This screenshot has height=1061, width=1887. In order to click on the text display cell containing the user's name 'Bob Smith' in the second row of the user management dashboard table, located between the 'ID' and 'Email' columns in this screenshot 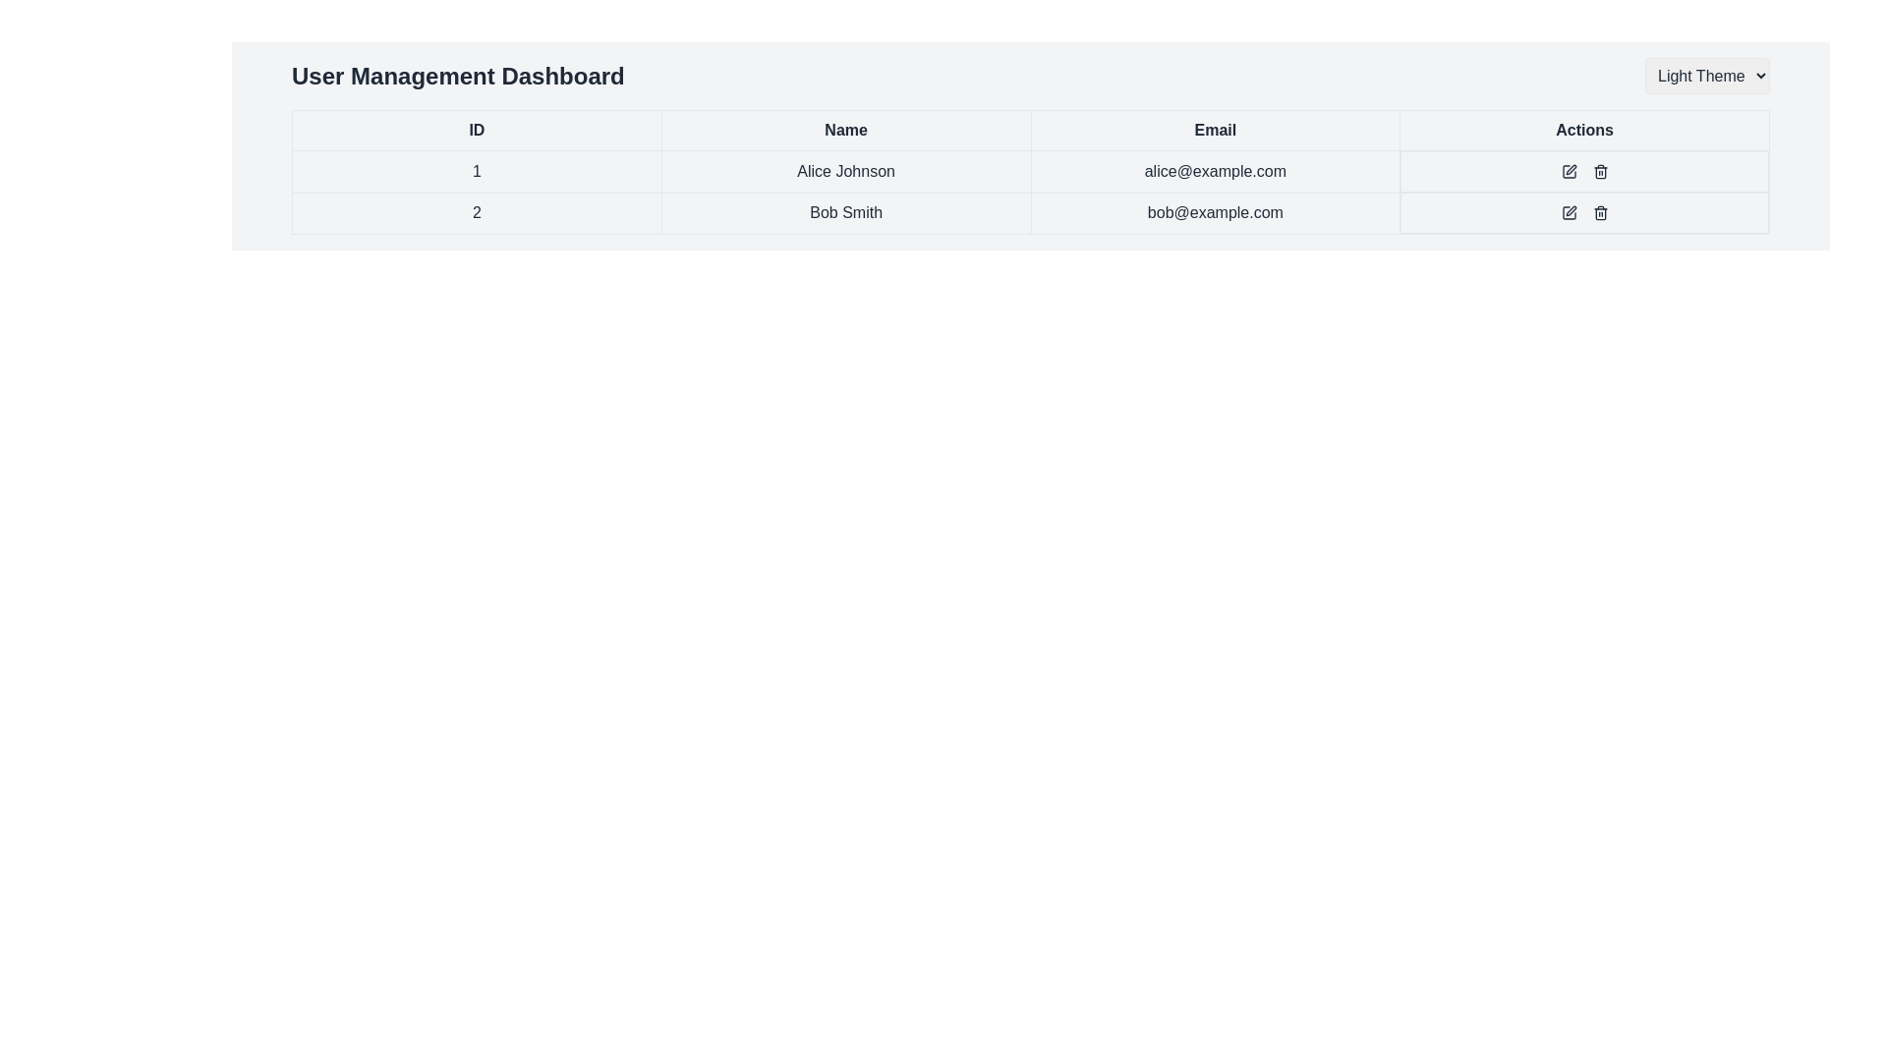, I will do `click(846, 213)`.